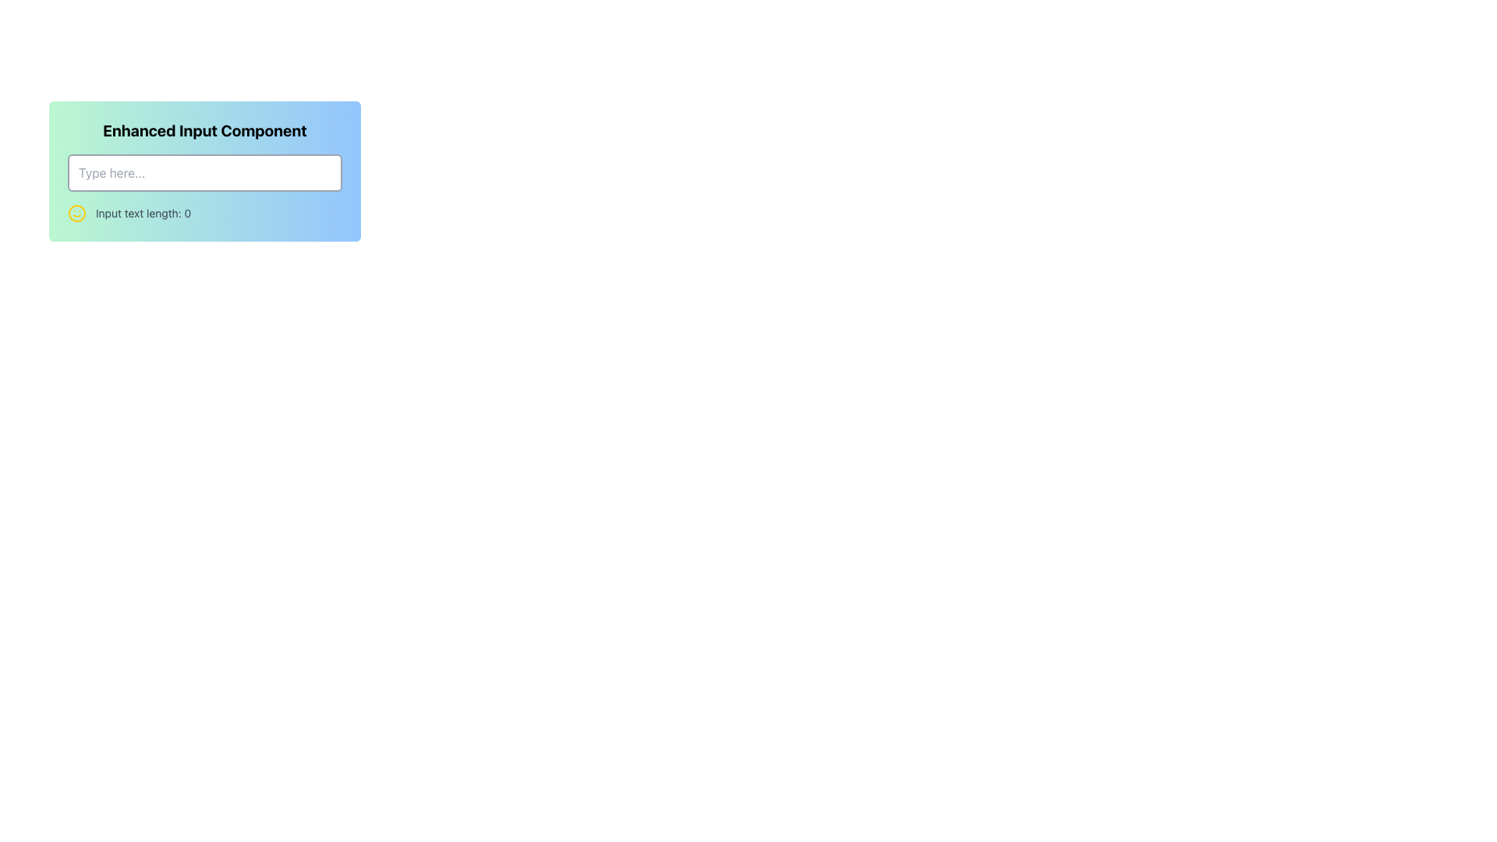 This screenshot has width=1497, height=842. What do you see at coordinates (76, 213) in the screenshot?
I see `the yellow circular smiley icon, which features a minimalist design with two small eyes and a curved smile, located at the far-left of a group with a text indicator to its right` at bounding box center [76, 213].